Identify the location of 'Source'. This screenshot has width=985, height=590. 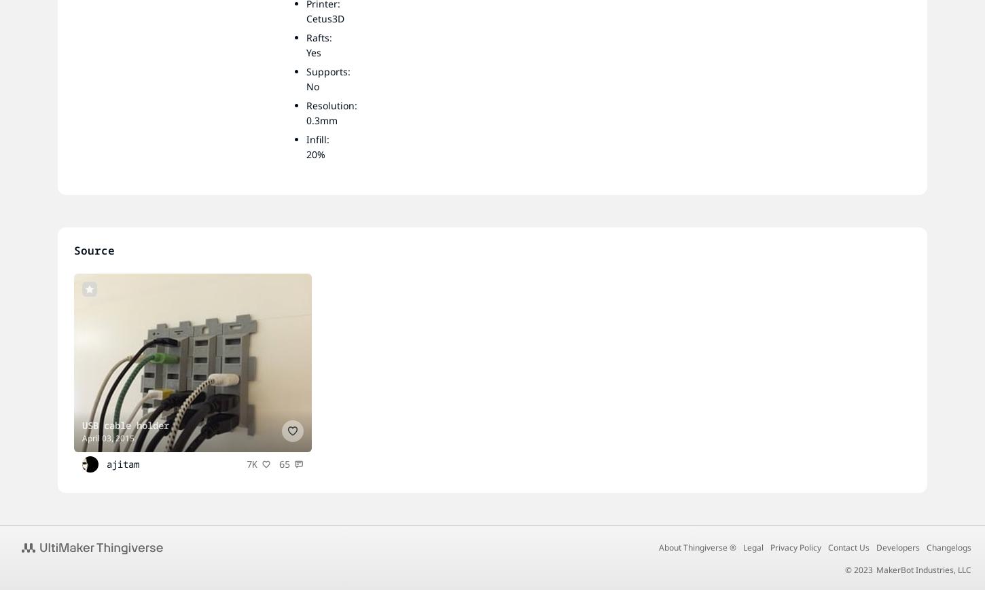
(74, 249).